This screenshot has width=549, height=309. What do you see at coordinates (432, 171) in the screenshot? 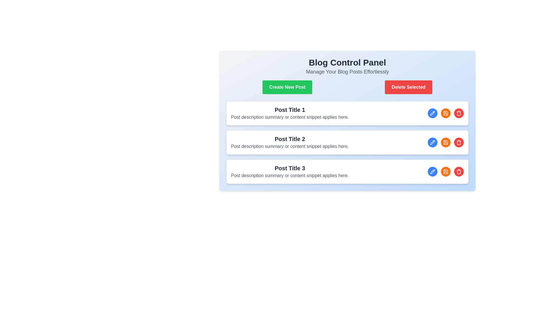
I see `the edit icon located at the beginning of the row for 'Post Title 3'` at bounding box center [432, 171].